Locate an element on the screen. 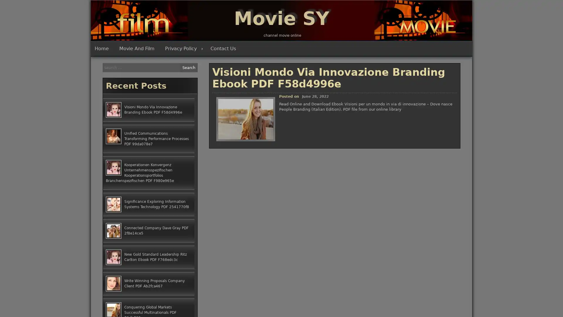 The width and height of the screenshot is (563, 317). Search is located at coordinates (189, 67).